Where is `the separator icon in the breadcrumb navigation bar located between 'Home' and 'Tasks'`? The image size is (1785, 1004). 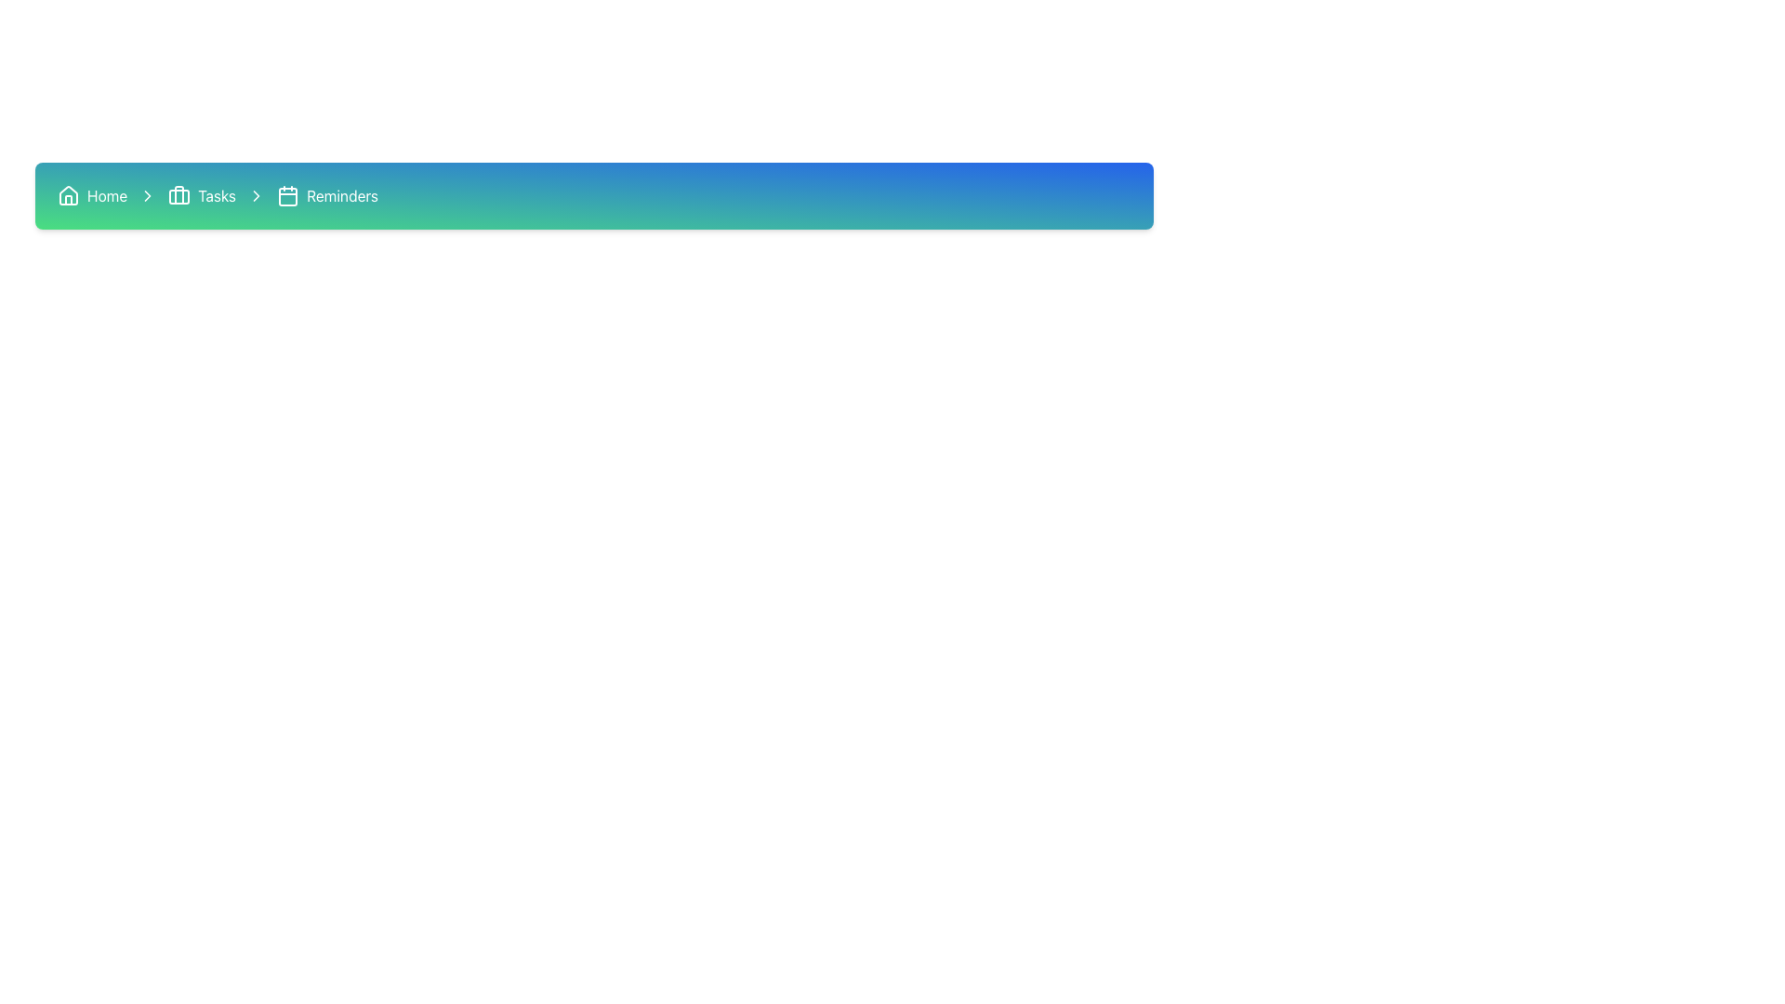 the separator icon in the breadcrumb navigation bar located between 'Home' and 'Tasks' is located at coordinates (256, 196).